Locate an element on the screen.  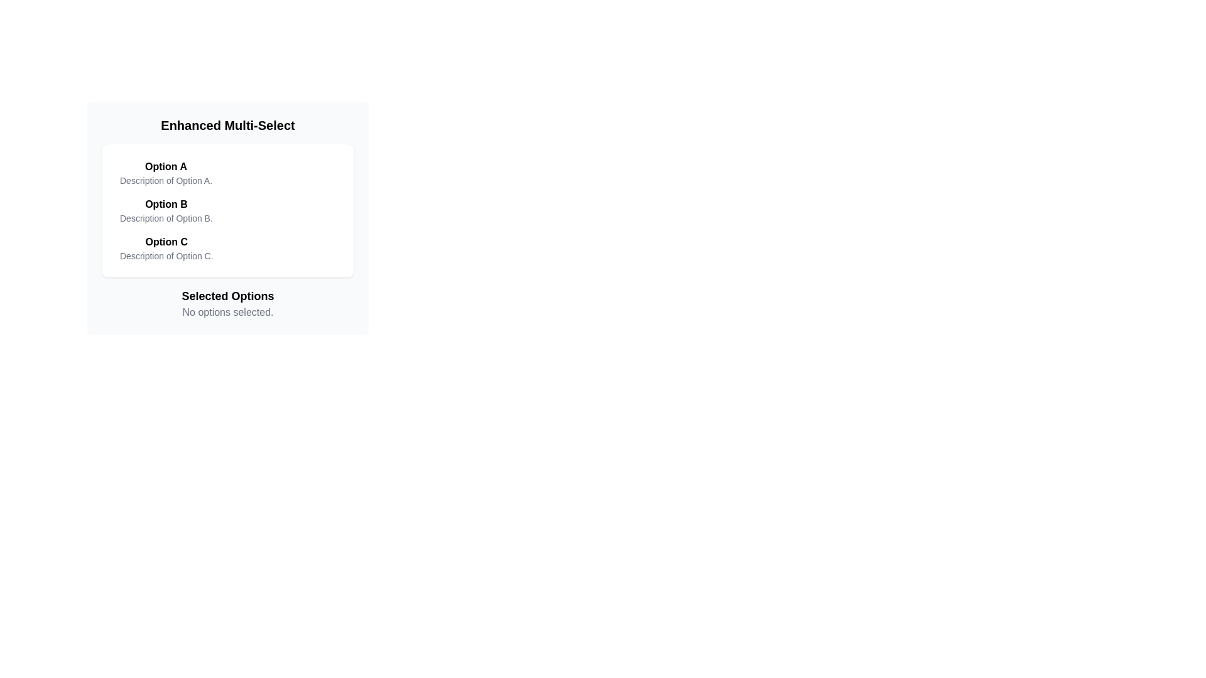
the paragraph text element displaying 'Description of Option B.' which is located directly beneath the title 'Option B' within the 'Enhanced Multi-Select' card is located at coordinates (165, 217).